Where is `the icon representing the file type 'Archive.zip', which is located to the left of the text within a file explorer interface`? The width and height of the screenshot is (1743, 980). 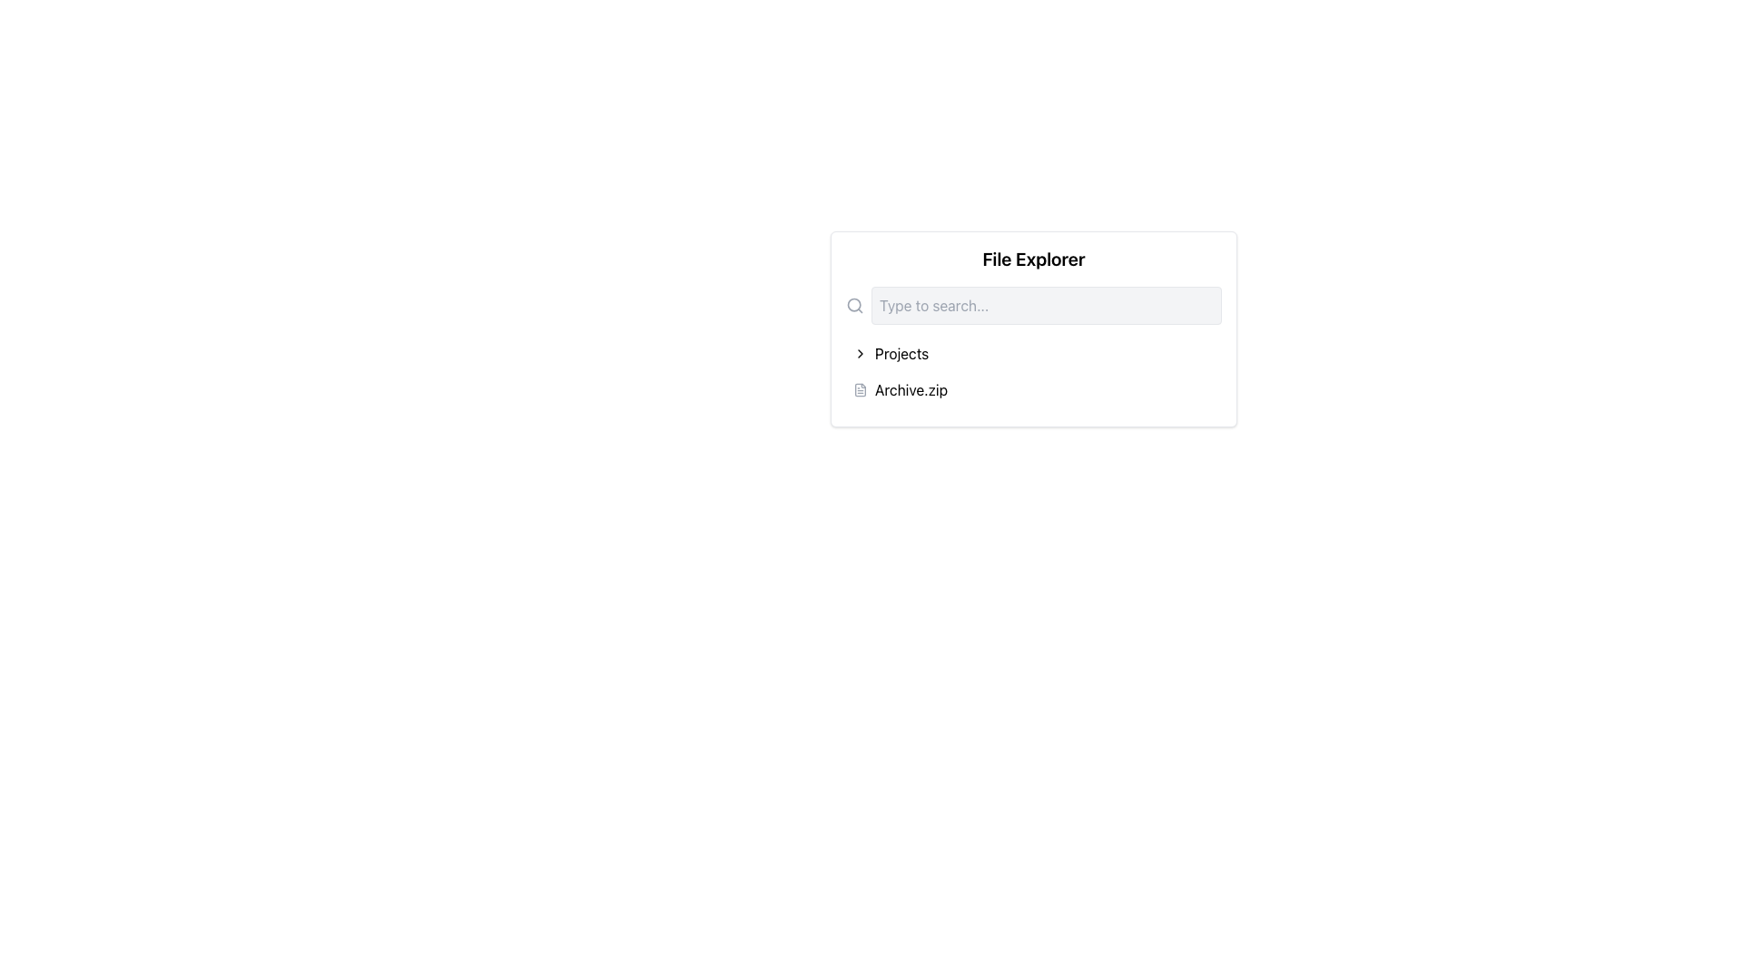
the icon representing the file type 'Archive.zip', which is located to the left of the text within a file explorer interface is located at coordinates (860, 388).